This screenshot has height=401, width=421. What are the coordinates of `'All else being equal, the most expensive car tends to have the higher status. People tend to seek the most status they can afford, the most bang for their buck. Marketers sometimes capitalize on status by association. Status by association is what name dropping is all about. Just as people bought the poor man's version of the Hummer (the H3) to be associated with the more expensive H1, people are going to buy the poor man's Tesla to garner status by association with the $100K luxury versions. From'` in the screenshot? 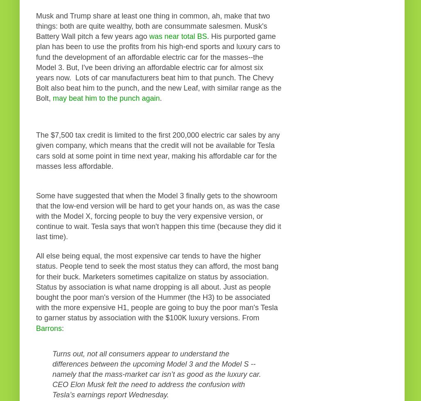 It's located at (156, 286).